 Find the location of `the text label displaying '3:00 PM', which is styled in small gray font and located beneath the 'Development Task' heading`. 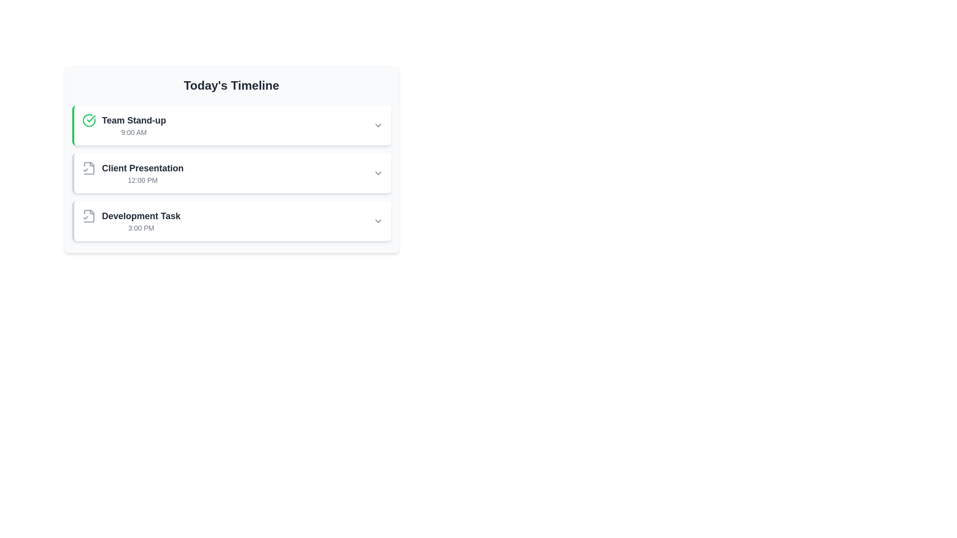

the text label displaying '3:00 PM', which is styled in small gray font and located beneath the 'Development Task' heading is located at coordinates (141, 228).